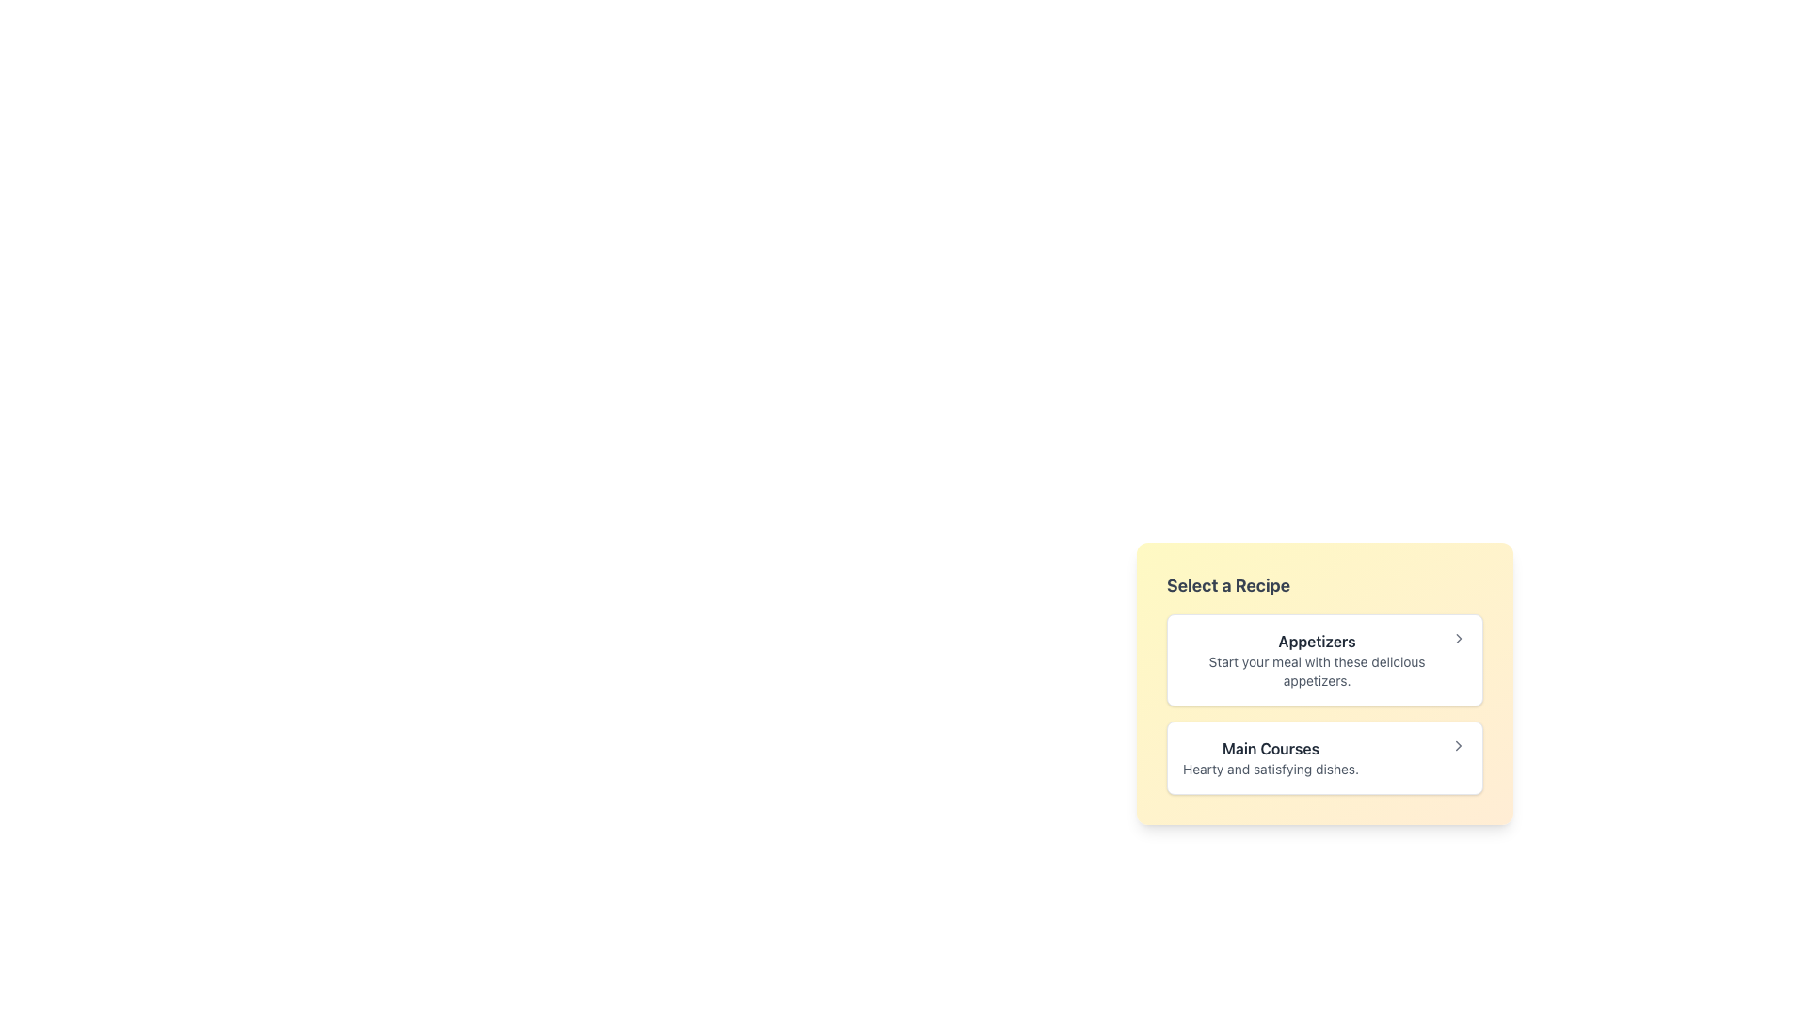 The image size is (1807, 1016). Describe the element at coordinates (1271, 757) in the screenshot. I see `the second selectable card in the 'Select a Recipe' section` at that location.